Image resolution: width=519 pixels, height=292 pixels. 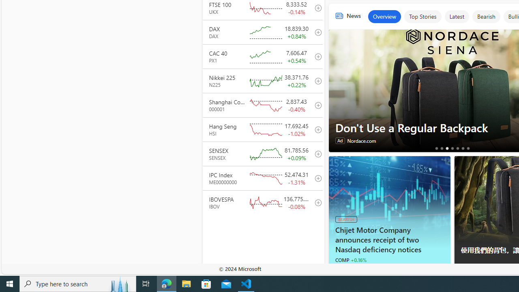 What do you see at coordinates (384, 17) in the screenshot?
I see `'Overview'` at bounding box center [384, 17].